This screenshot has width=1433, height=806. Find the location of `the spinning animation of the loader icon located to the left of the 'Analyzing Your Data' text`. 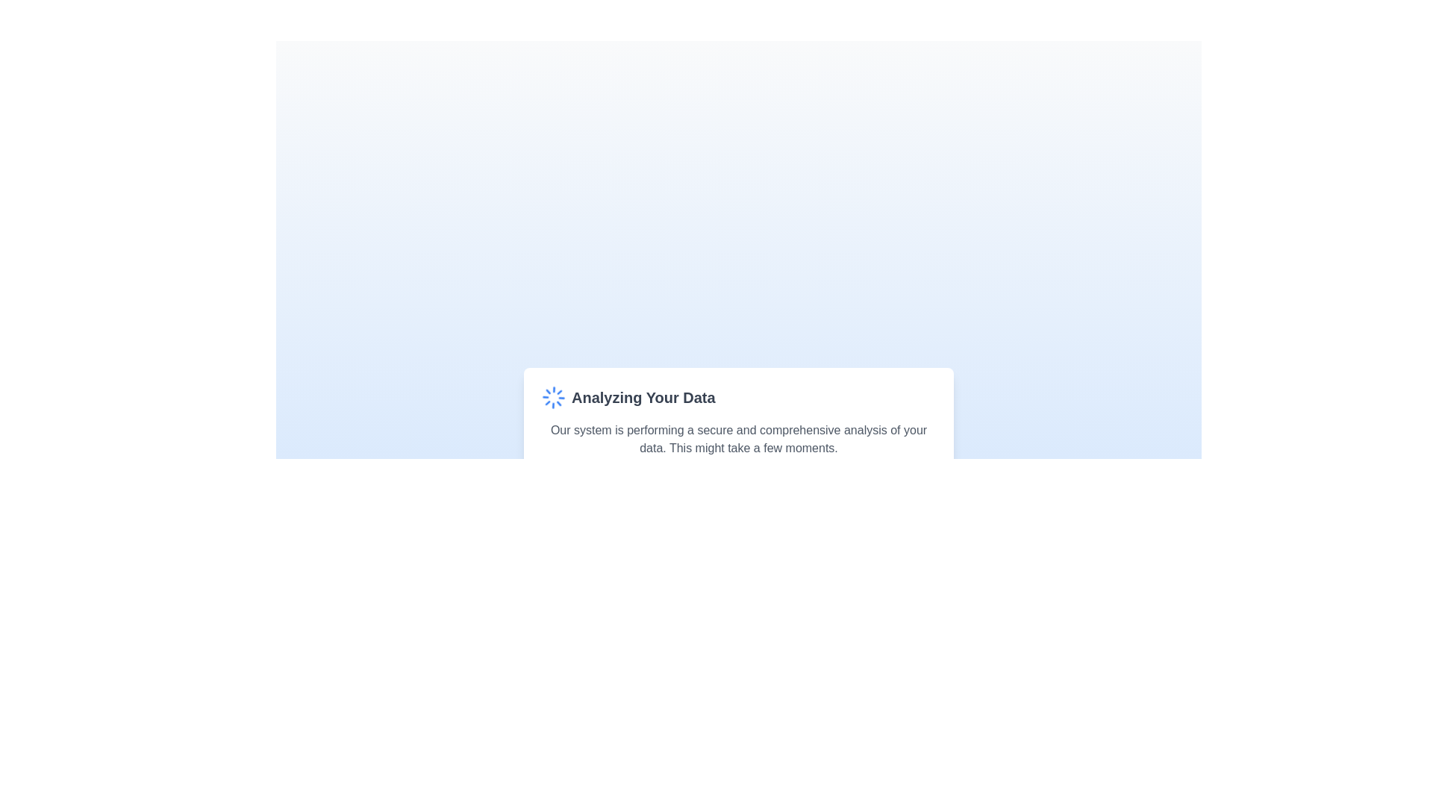

the spinning animation of the loader icon located to the left of the 'Analyzing Your Data' text is located at coordinates (553, 396).